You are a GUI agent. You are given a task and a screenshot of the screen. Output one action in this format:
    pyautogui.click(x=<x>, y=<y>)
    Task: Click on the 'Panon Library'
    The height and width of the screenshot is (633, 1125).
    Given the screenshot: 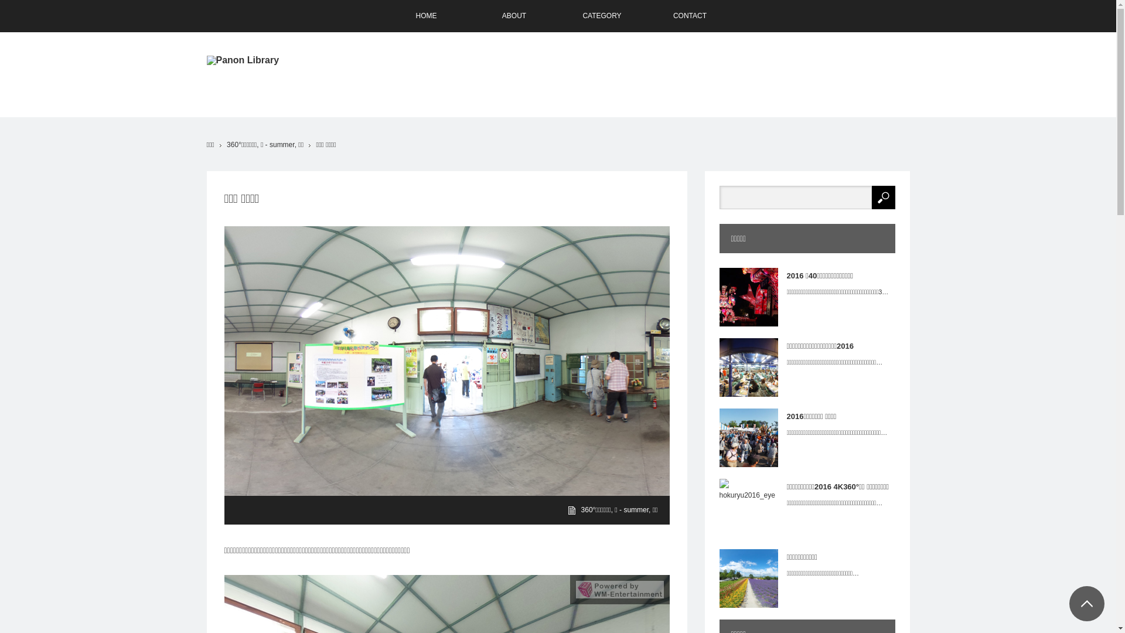 What is the action you would take?
    pyautogui.click(x=241, y=60)
    